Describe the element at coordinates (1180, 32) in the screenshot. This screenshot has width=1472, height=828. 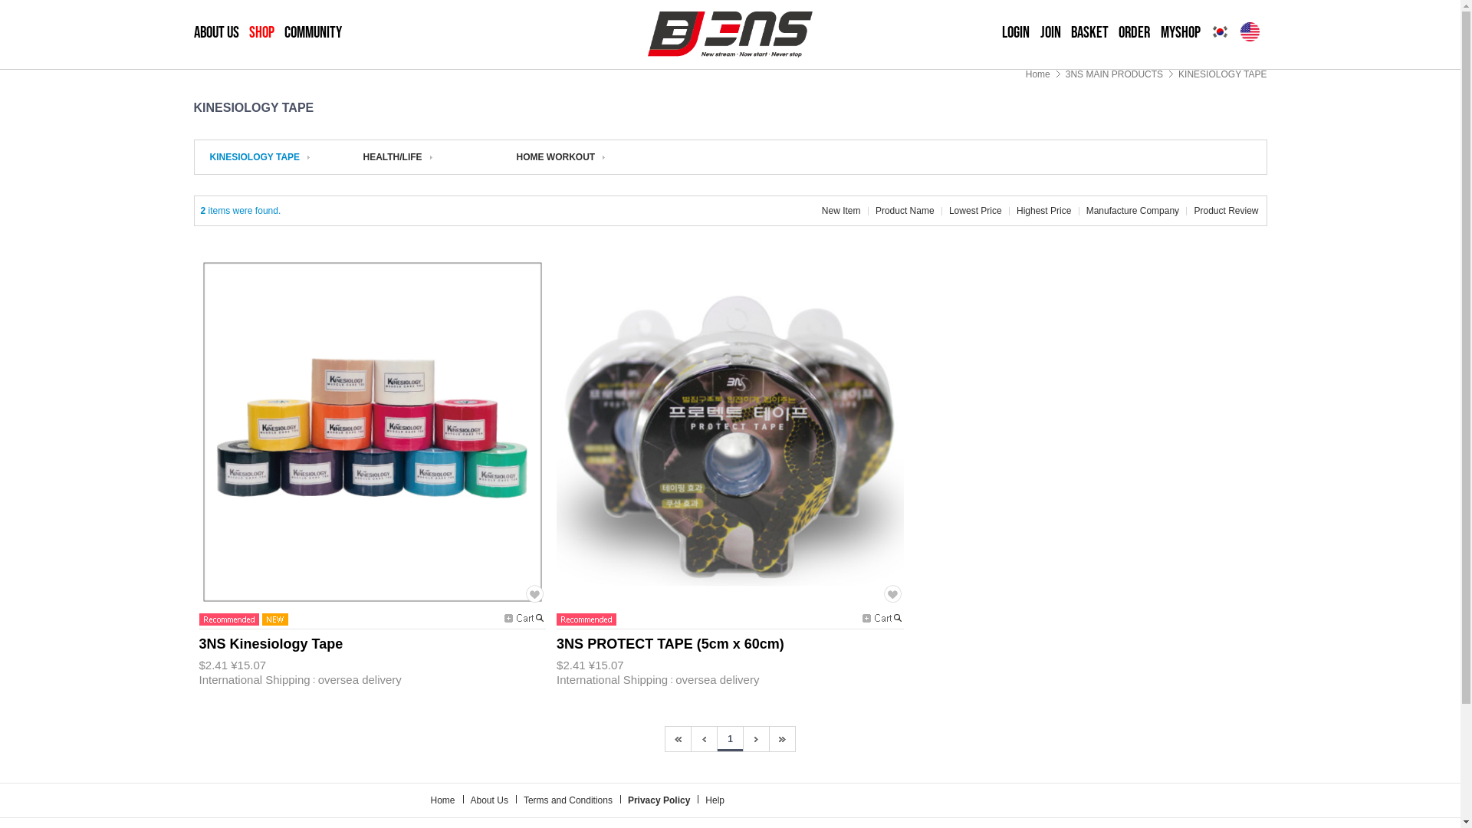
I see `'MyShop'` at that location.